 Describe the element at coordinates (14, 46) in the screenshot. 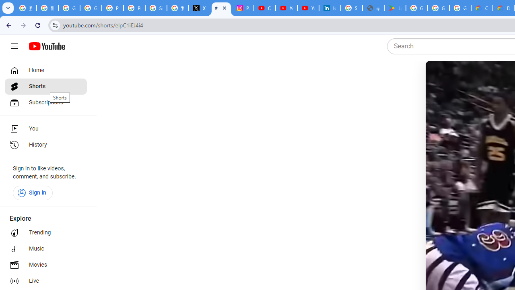

I see `'Guide'` at that location.